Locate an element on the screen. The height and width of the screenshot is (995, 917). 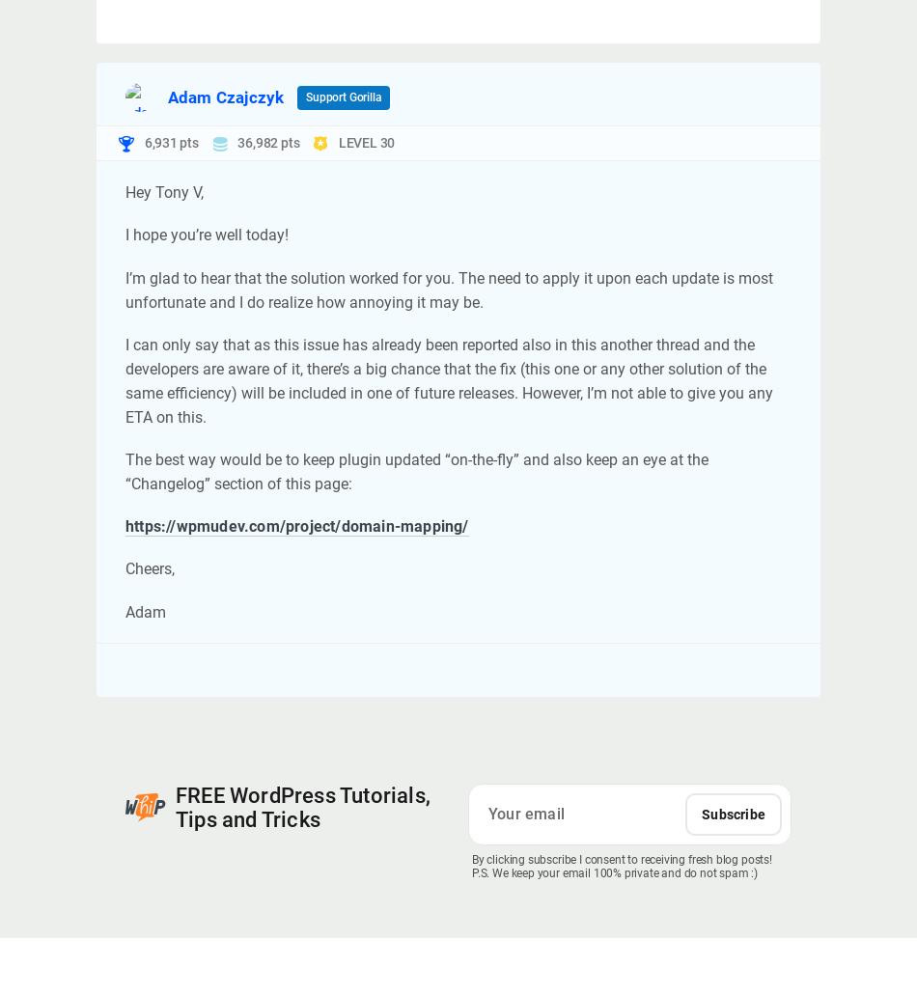
'Adam Czajczyk' is located at coordinates (225, 97).